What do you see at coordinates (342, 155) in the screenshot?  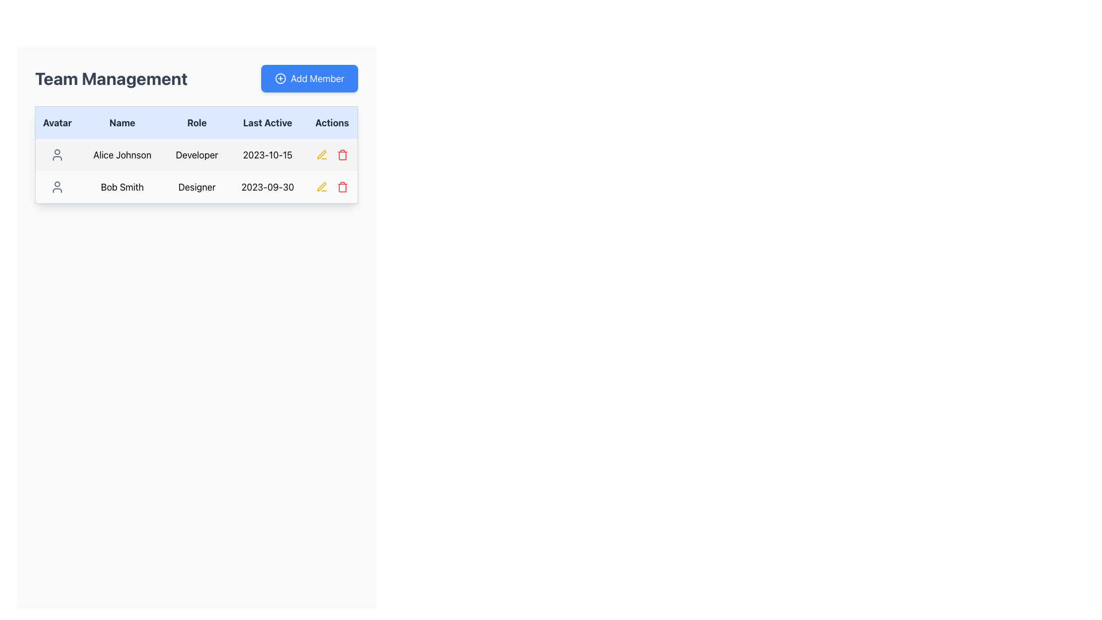 I see `the delete icon button, which is the third interactive icon in the actions column of the second row` at bounding box center [342, 155].